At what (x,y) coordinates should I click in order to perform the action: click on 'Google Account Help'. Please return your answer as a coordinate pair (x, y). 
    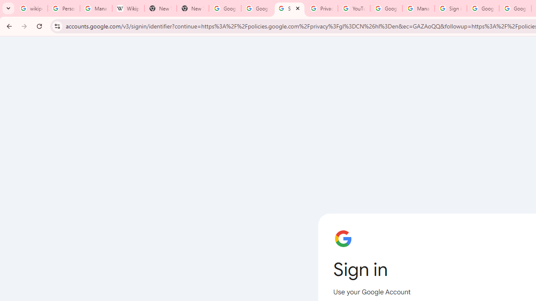
    Looking at the image, I should click on (386, 8).